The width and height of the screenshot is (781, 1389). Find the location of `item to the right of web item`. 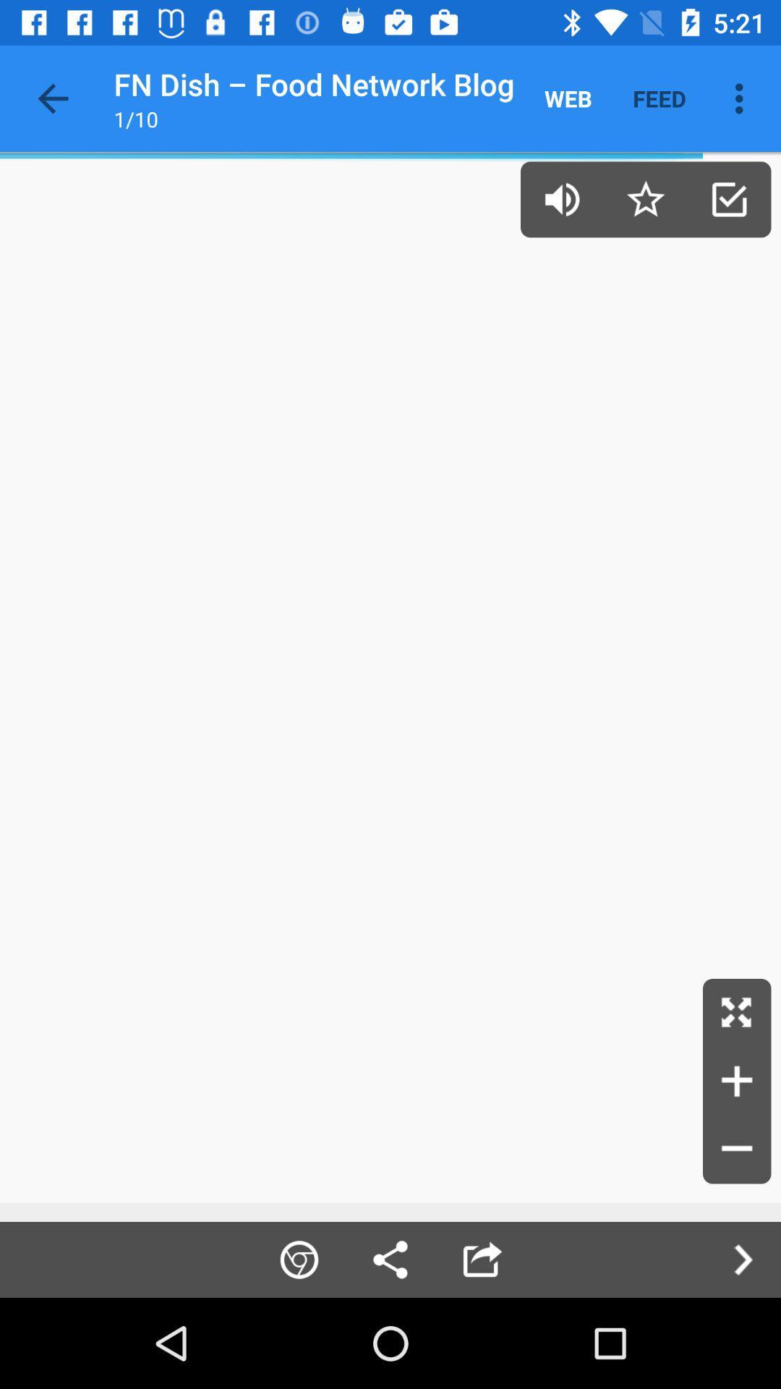

item to the right of web item is located at coordinates (659, 98).